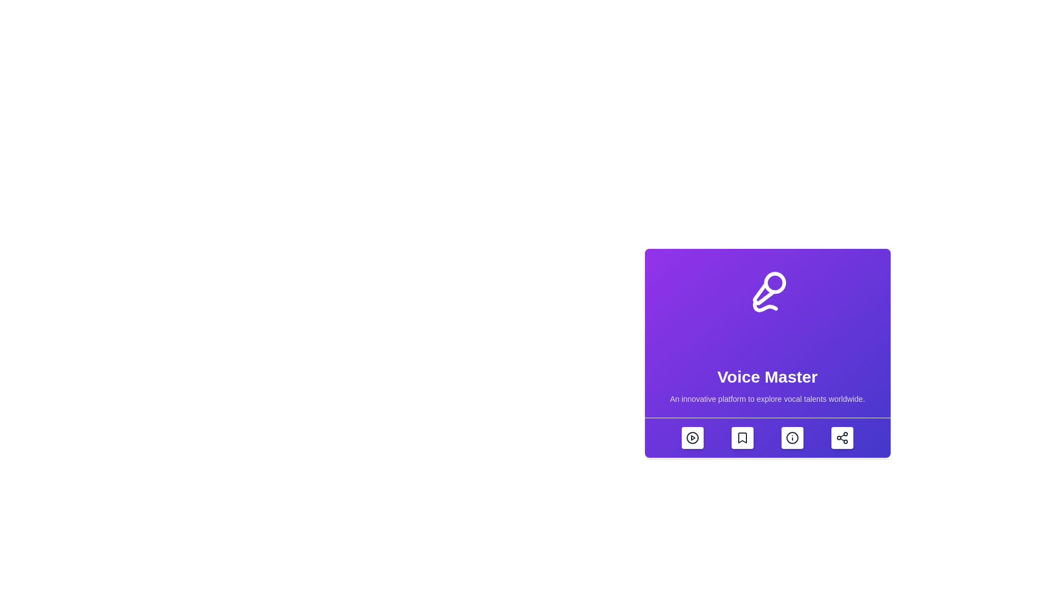 This screenshot has height=592, width=1053. Describe the element at coordinates (692, 437) in the screenshot. I see `the play icon, which is a circular shape with a triangular play symbol, located at the leftmost action button in the button layout of the 'Voice Master' card` at that location.